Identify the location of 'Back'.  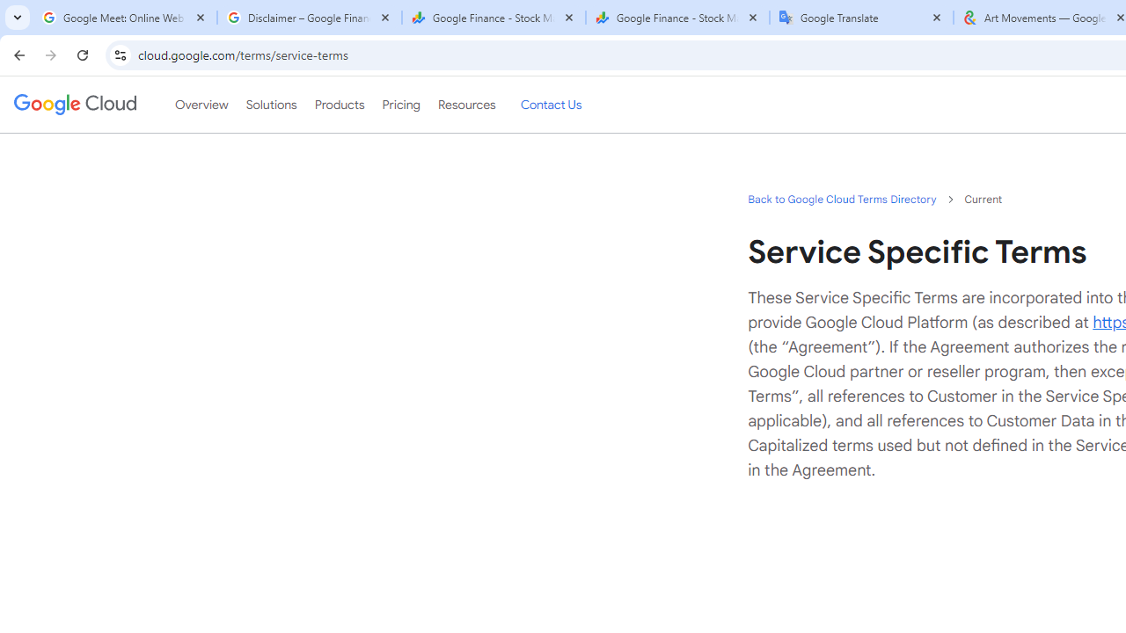
(17, 54).